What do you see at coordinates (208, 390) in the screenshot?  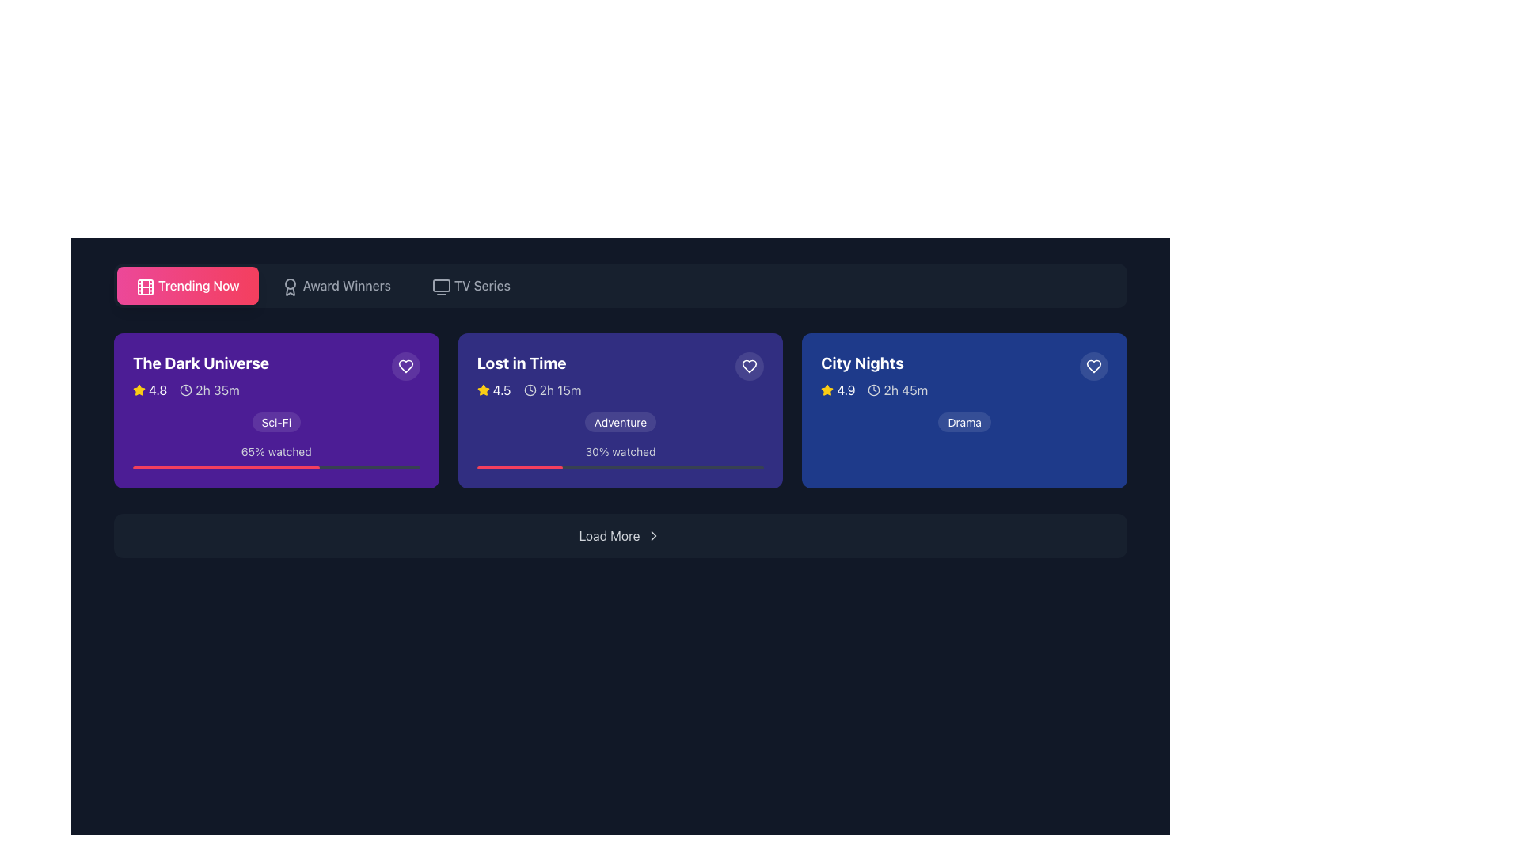 I see `the label displaying the duration '2h 35m' with a clock icon, which is located in the first card of a horizontal card list, positioned below the star-rating` at bounding box center [208, 390].